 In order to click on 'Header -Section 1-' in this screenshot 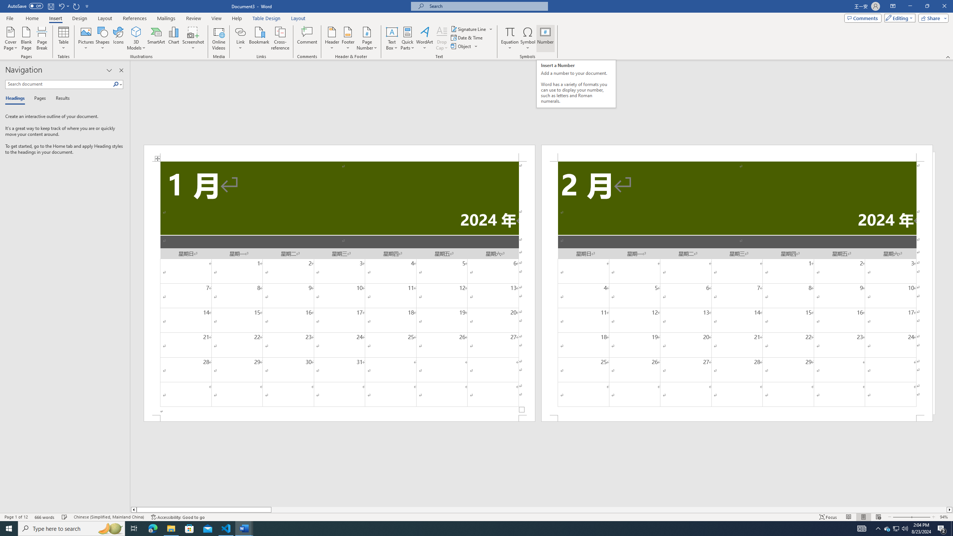, I will do `click(340, 153)`.